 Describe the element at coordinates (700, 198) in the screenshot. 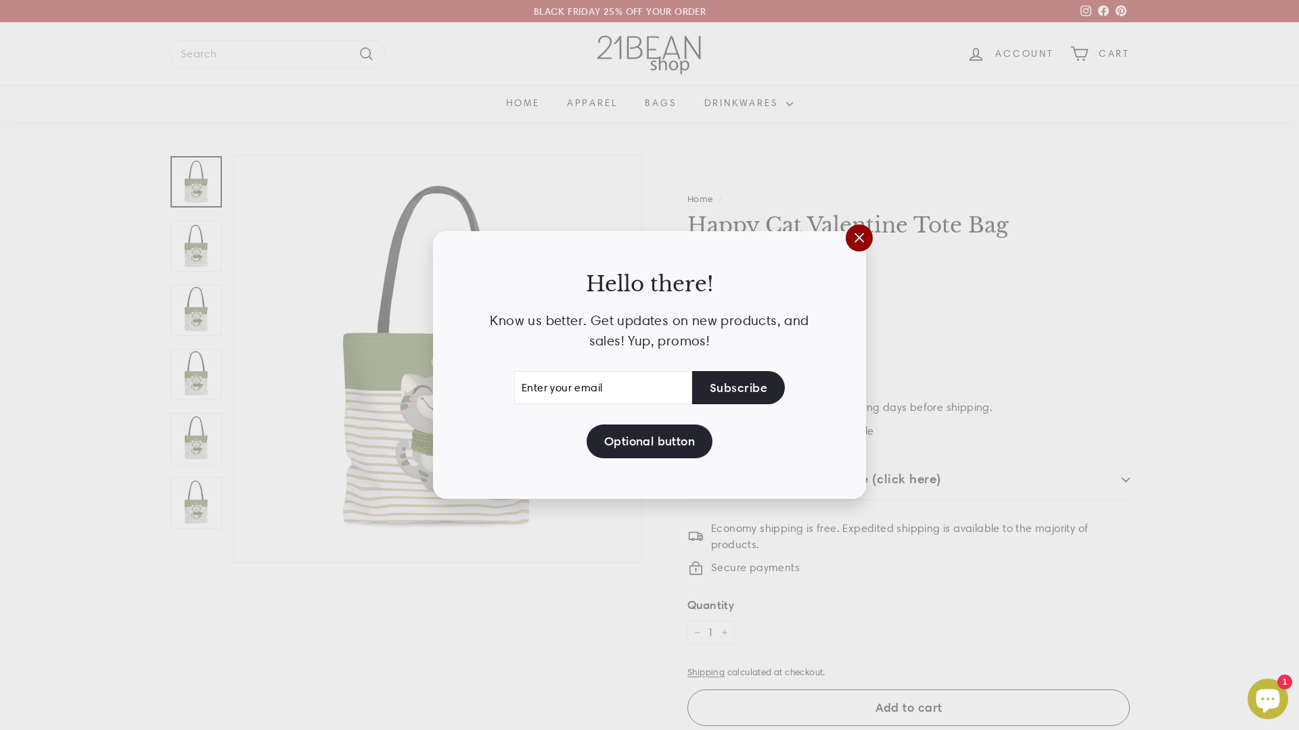

I see `'Home'` at that location.